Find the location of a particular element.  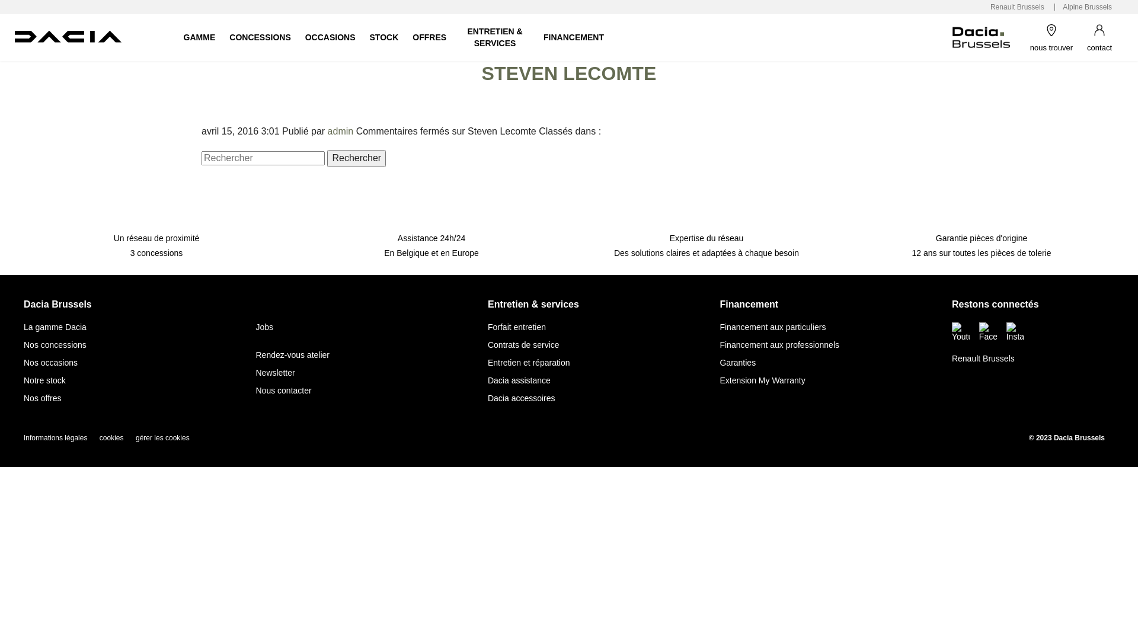

'OFFRES' is located at coordinates (429, 36).